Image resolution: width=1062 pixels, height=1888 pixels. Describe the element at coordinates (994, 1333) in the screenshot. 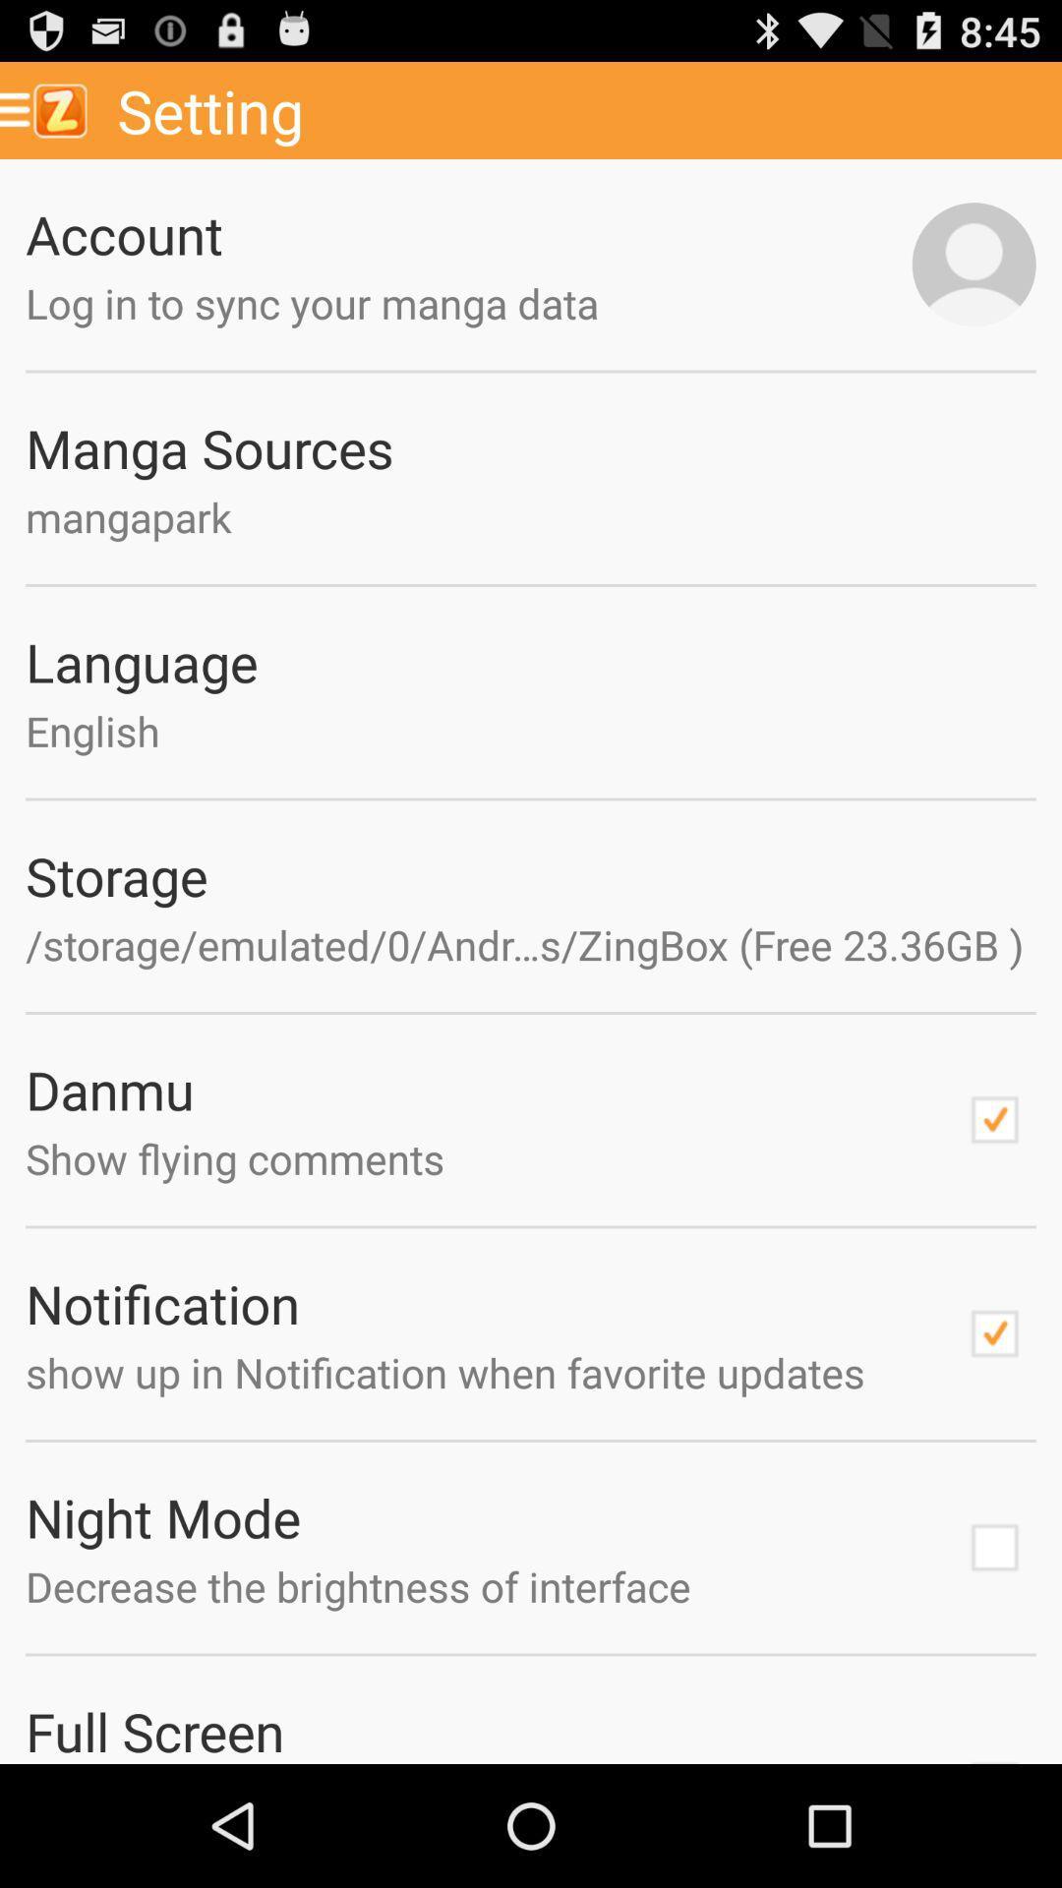

I see `check mark box` at that location.